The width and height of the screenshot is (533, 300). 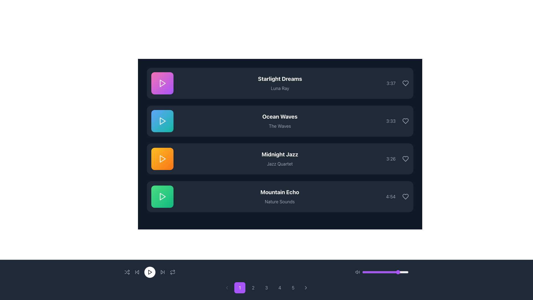 I want to click on the media play/pause button located at the bottom control panel of the interface, so click(x=150, y=272).